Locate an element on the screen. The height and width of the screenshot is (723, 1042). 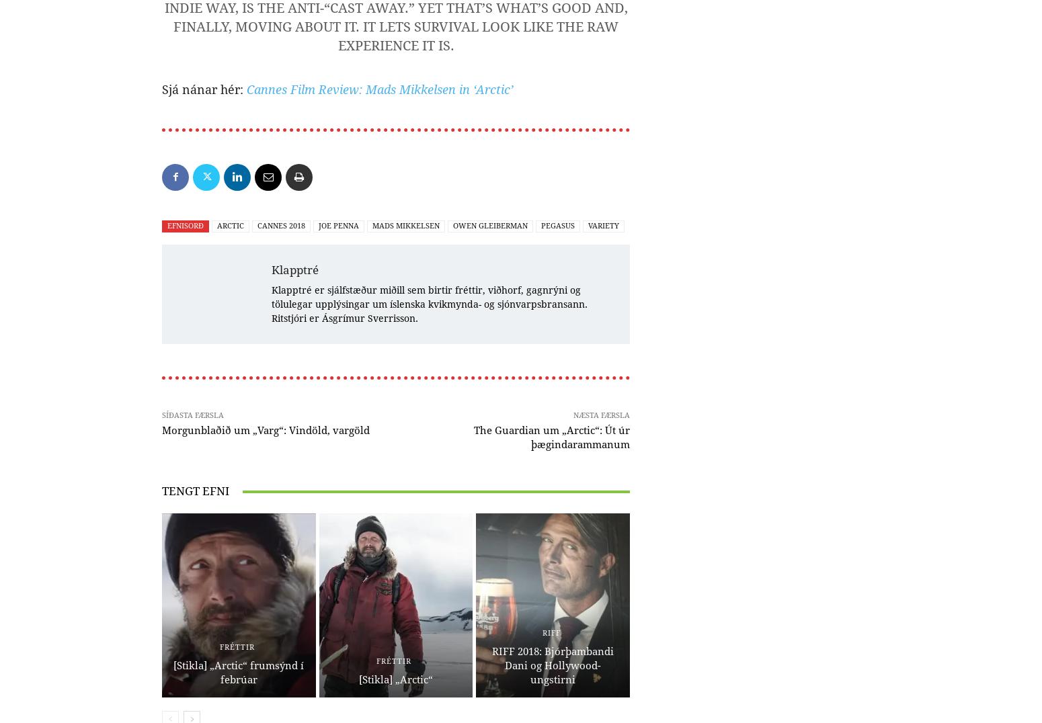
'RIFF 2018: Bjórþambandi Dani og Hollywood-ungstirni' is located at coordinates (492, 665).